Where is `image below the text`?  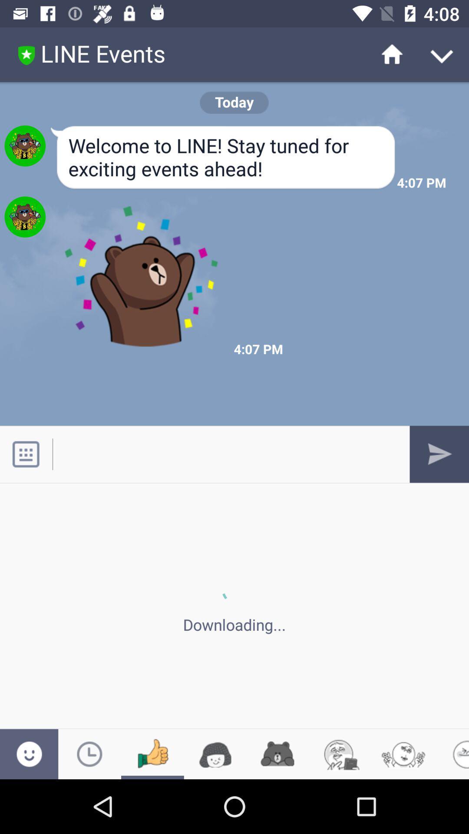 image below the text is located at coordinates (142, 276).